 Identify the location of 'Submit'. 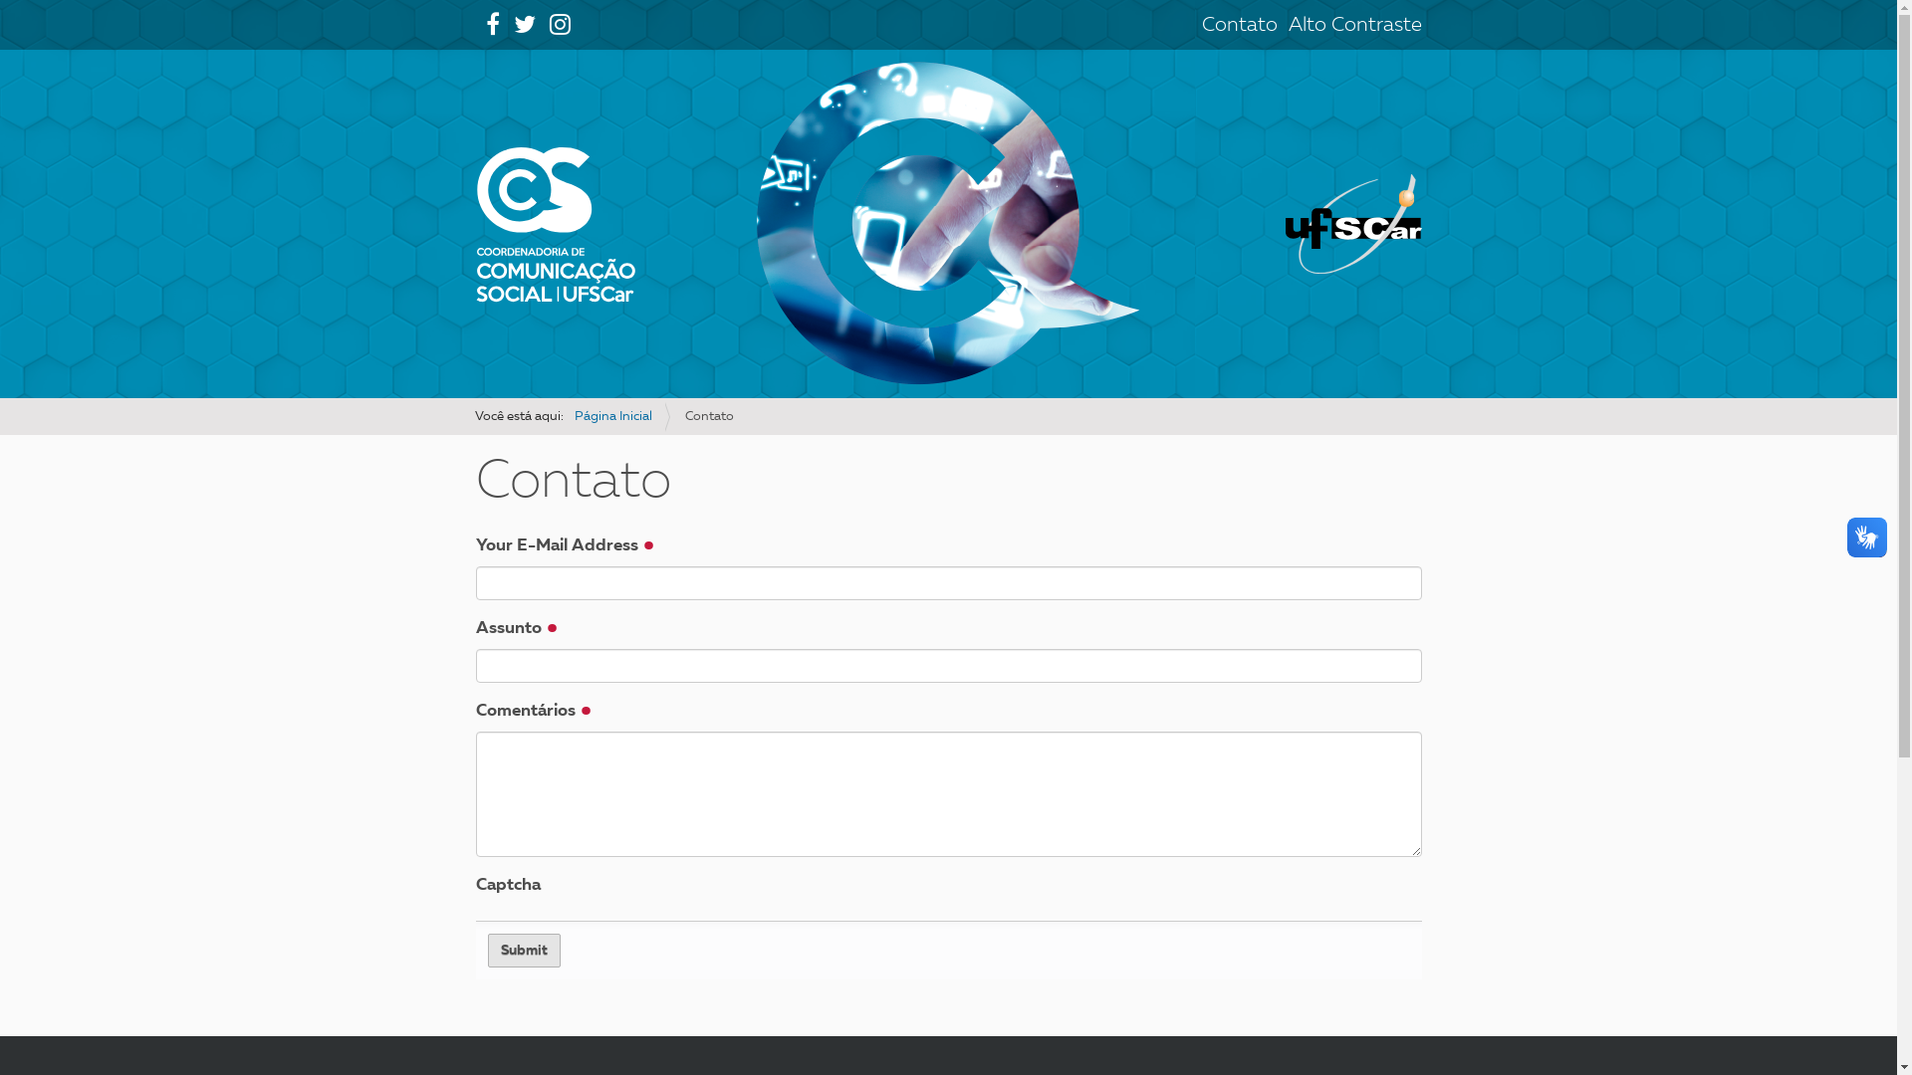
(524, 950).